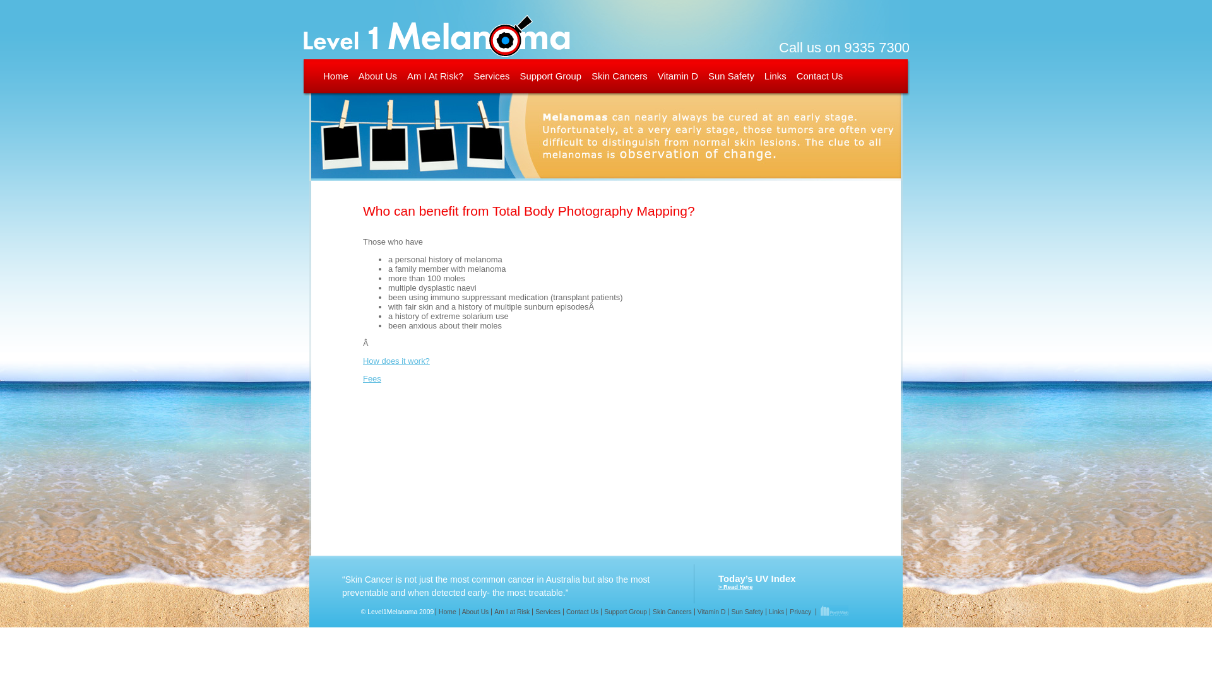 Image resolution: width=1212 pixels, height=681 pixels. Describe the element at coordinates (671, 611) in the screenshot. I see `'Skin Cancers'` at that location.